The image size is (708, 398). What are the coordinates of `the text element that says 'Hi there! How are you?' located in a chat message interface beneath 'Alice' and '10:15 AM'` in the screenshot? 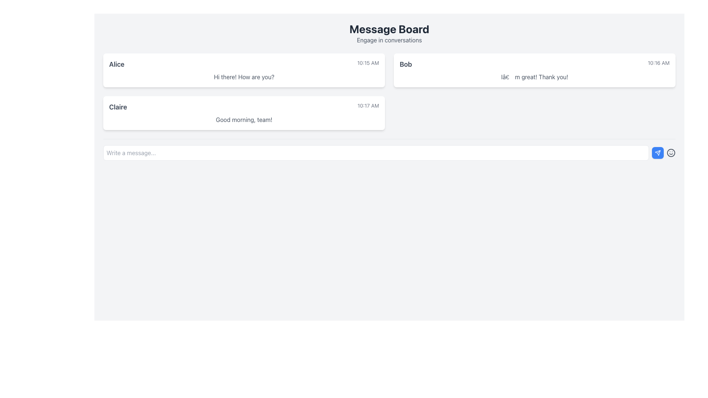 It's located at (244, 77).